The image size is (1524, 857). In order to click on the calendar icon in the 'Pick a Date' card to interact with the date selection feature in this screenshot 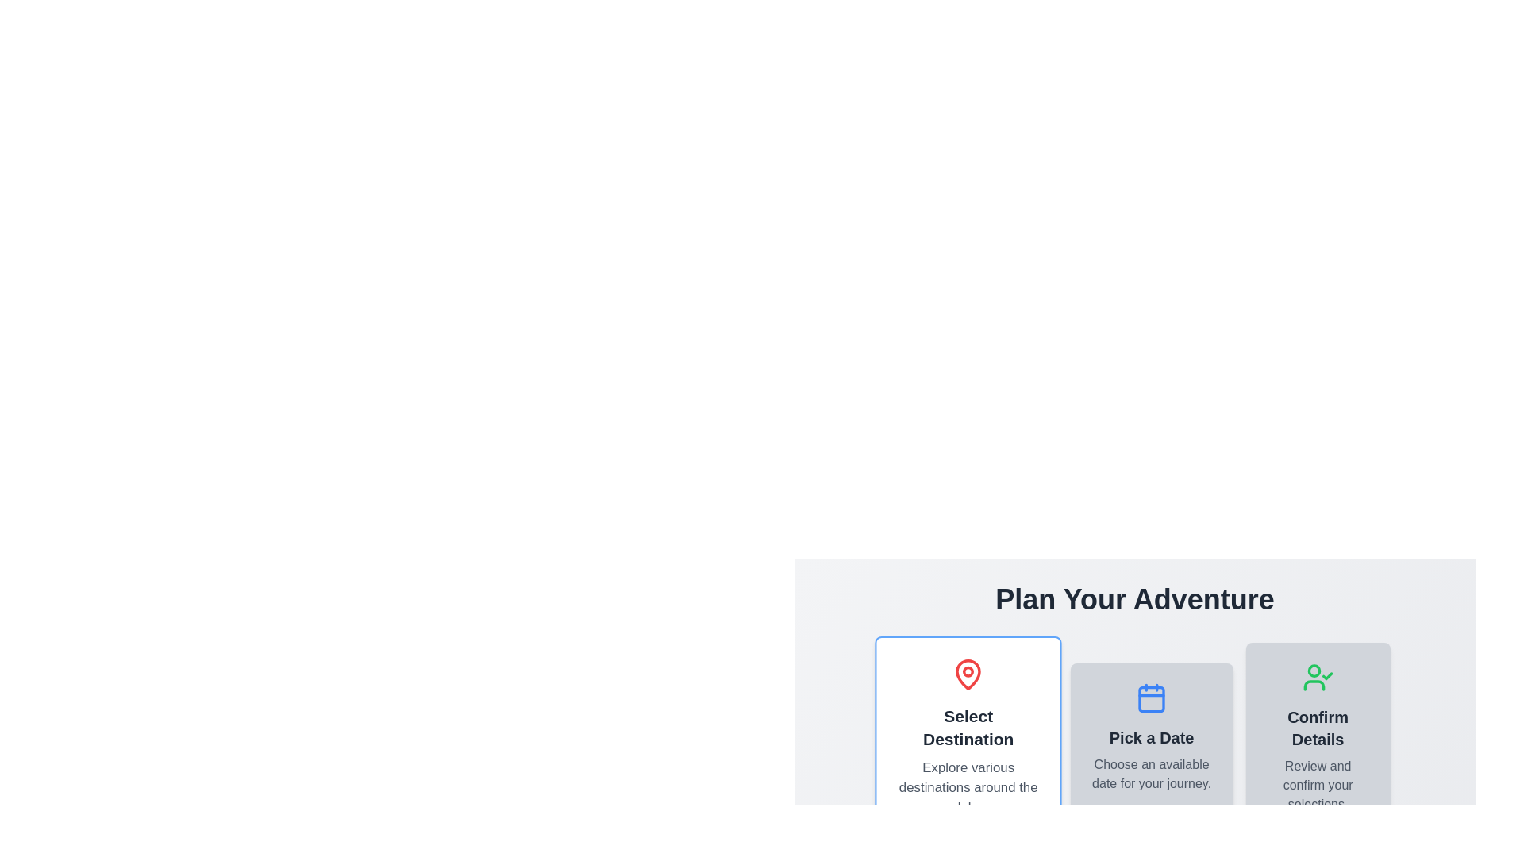, I will do `click(1152, 697)`.